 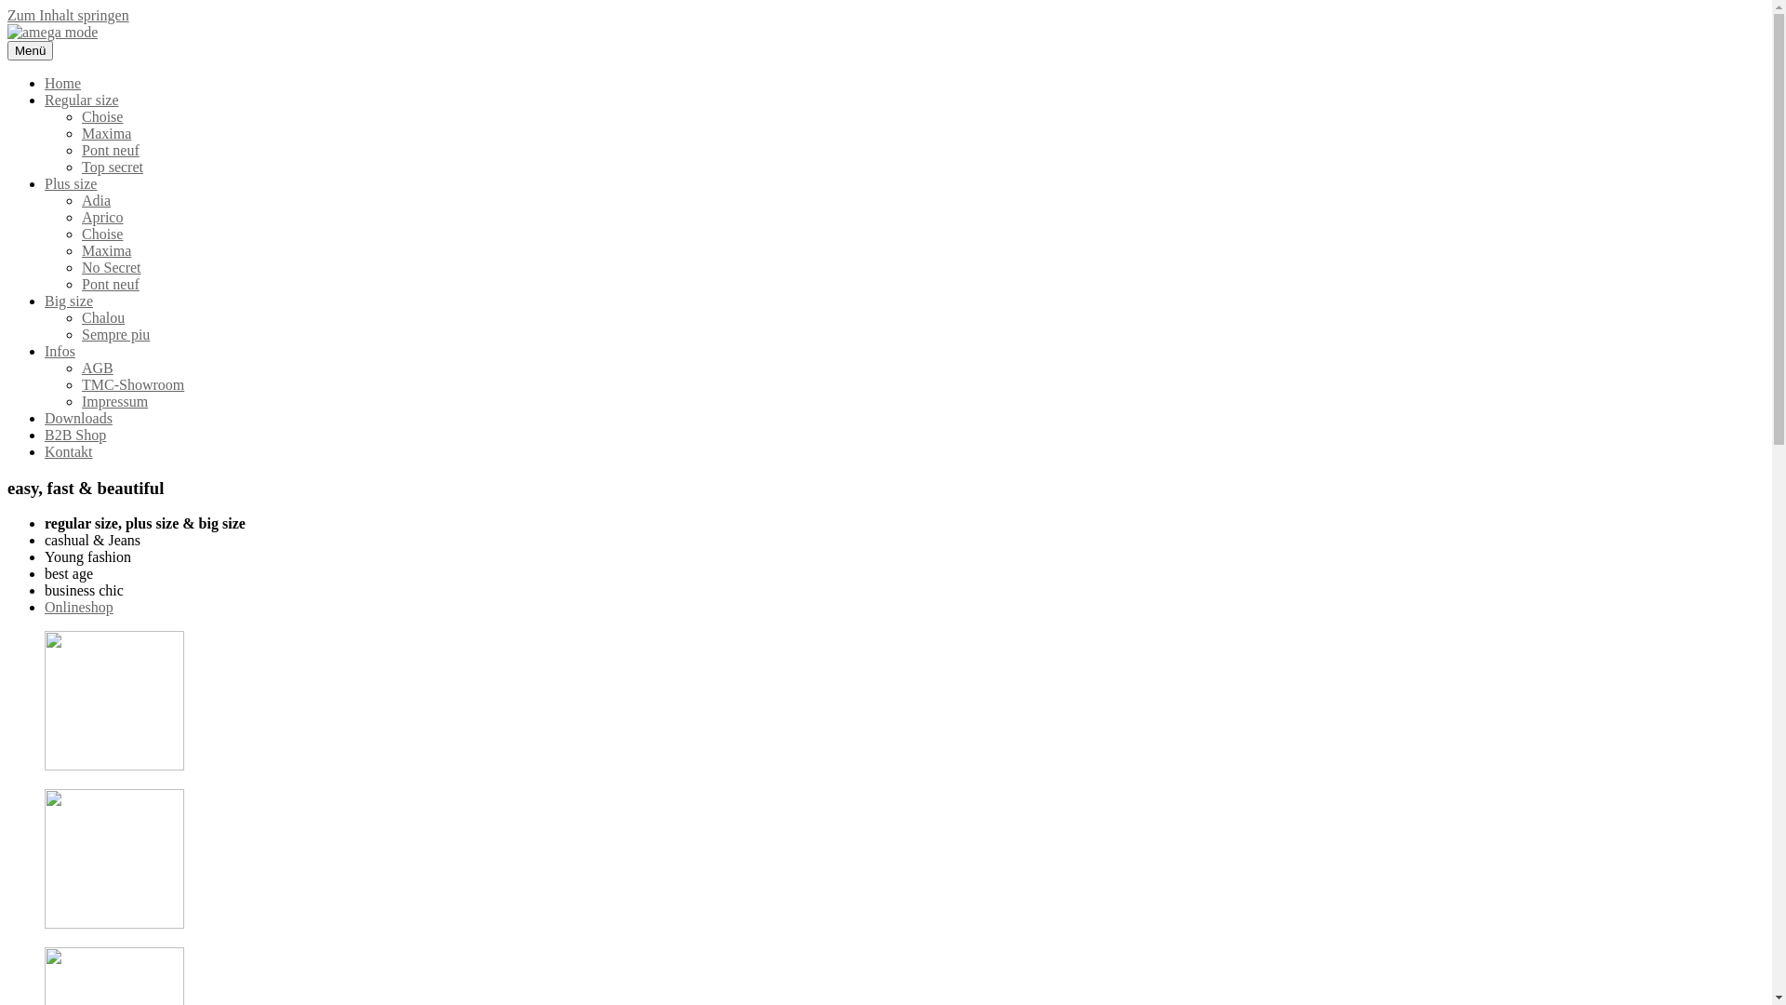 What do you see at coordinates (105, 249) in the screenshot?
I see `'Maxima'` at bounding box center [105, 249].